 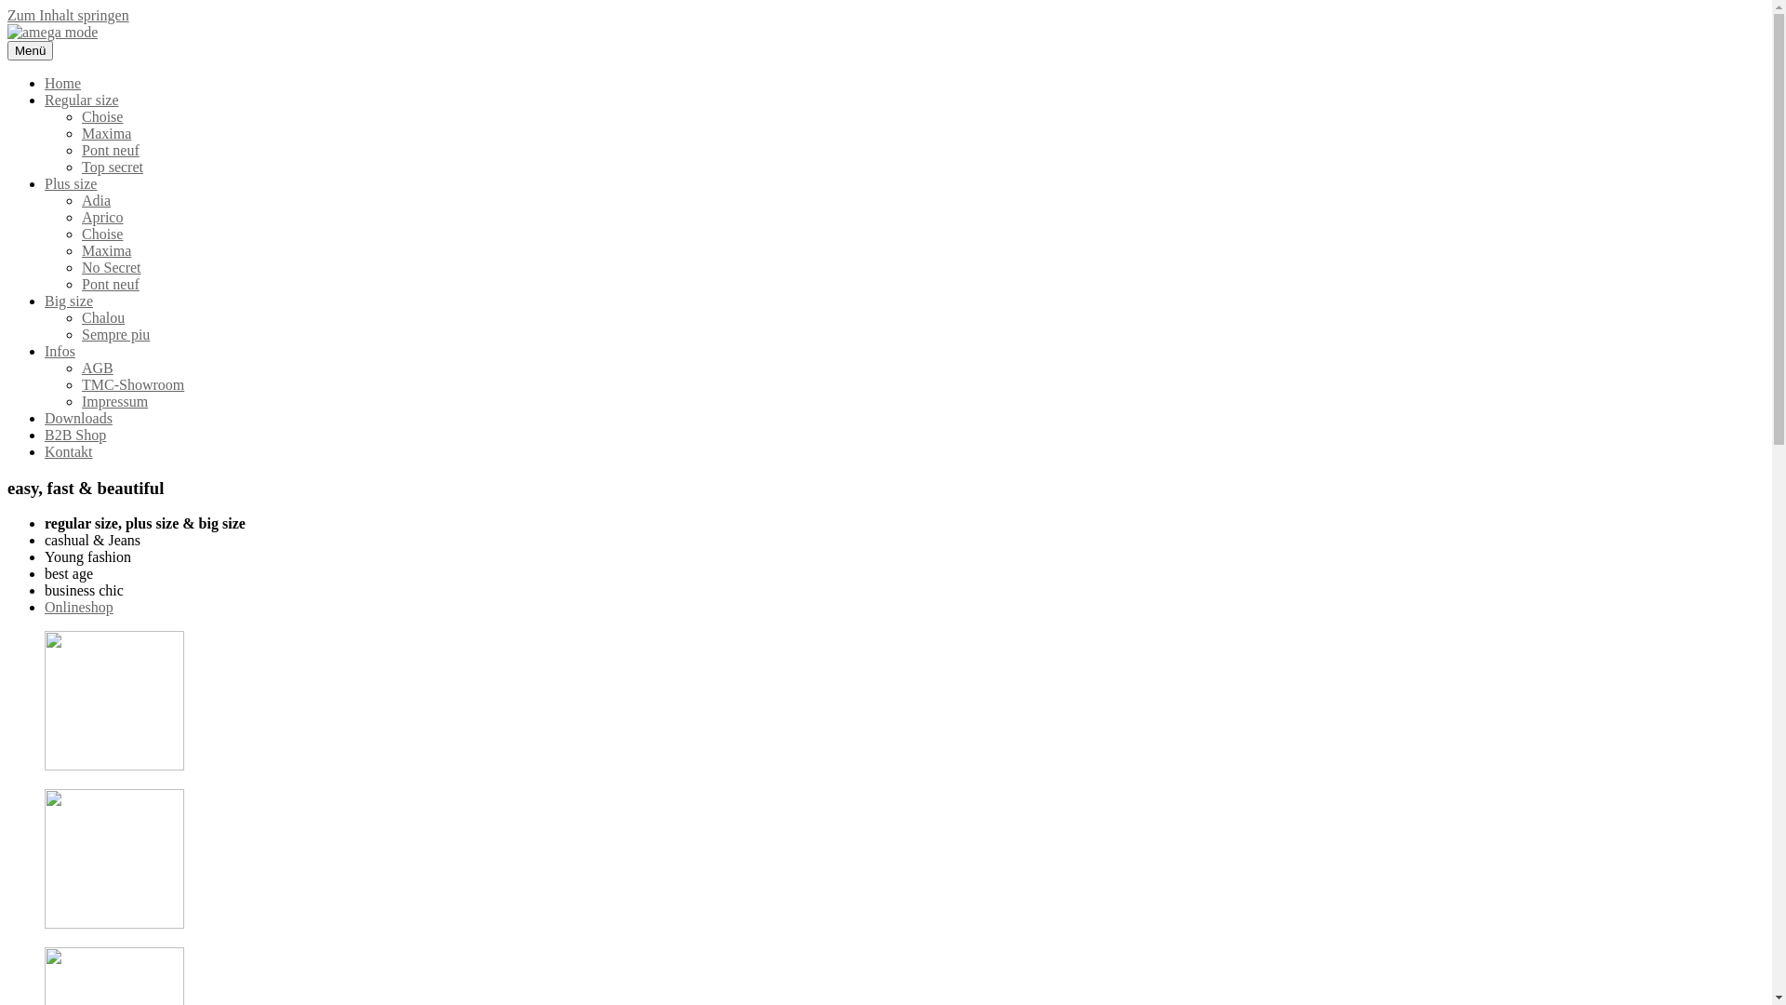 What do you see at coordinates (105, 249) in the screenshot?
I see `'Maxima'` at bounding box center [105, 249].